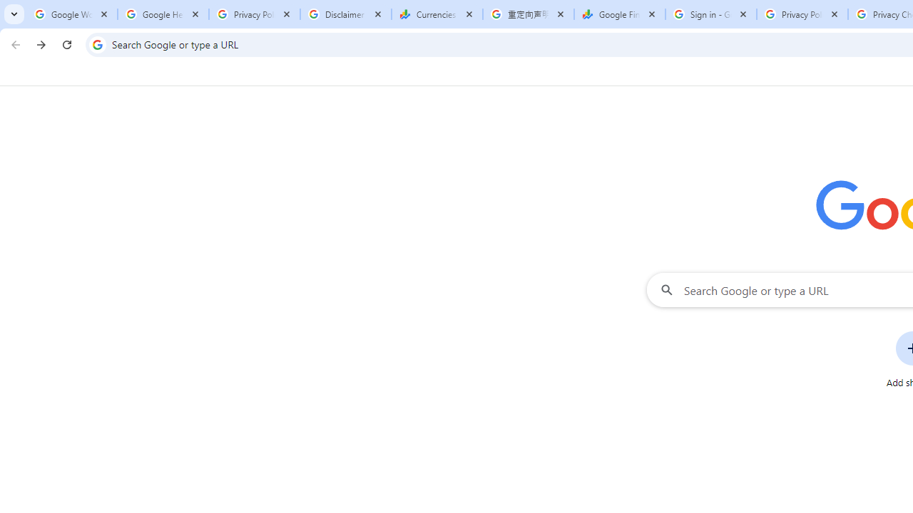 Image resolution: width=913 pixels, height=513 pixels. What do you see at coordinates (71, 14) in the screenshot?
I see `'Google Workspace Admin Community'` at bounding box center [71, 14].